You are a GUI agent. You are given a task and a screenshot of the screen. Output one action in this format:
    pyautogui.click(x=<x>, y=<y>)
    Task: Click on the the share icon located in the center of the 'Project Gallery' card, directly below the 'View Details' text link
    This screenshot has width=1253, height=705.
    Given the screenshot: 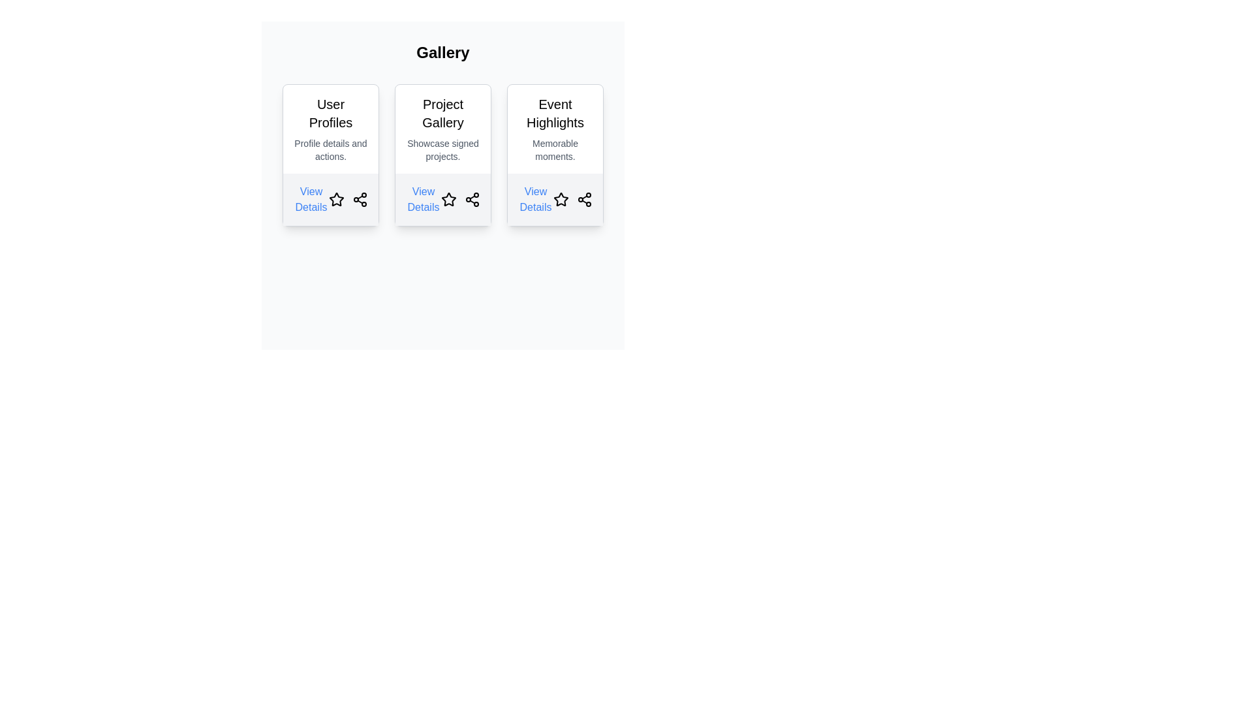 What is the action you would take?
    pyautogui.click(x=460, y=199)
    